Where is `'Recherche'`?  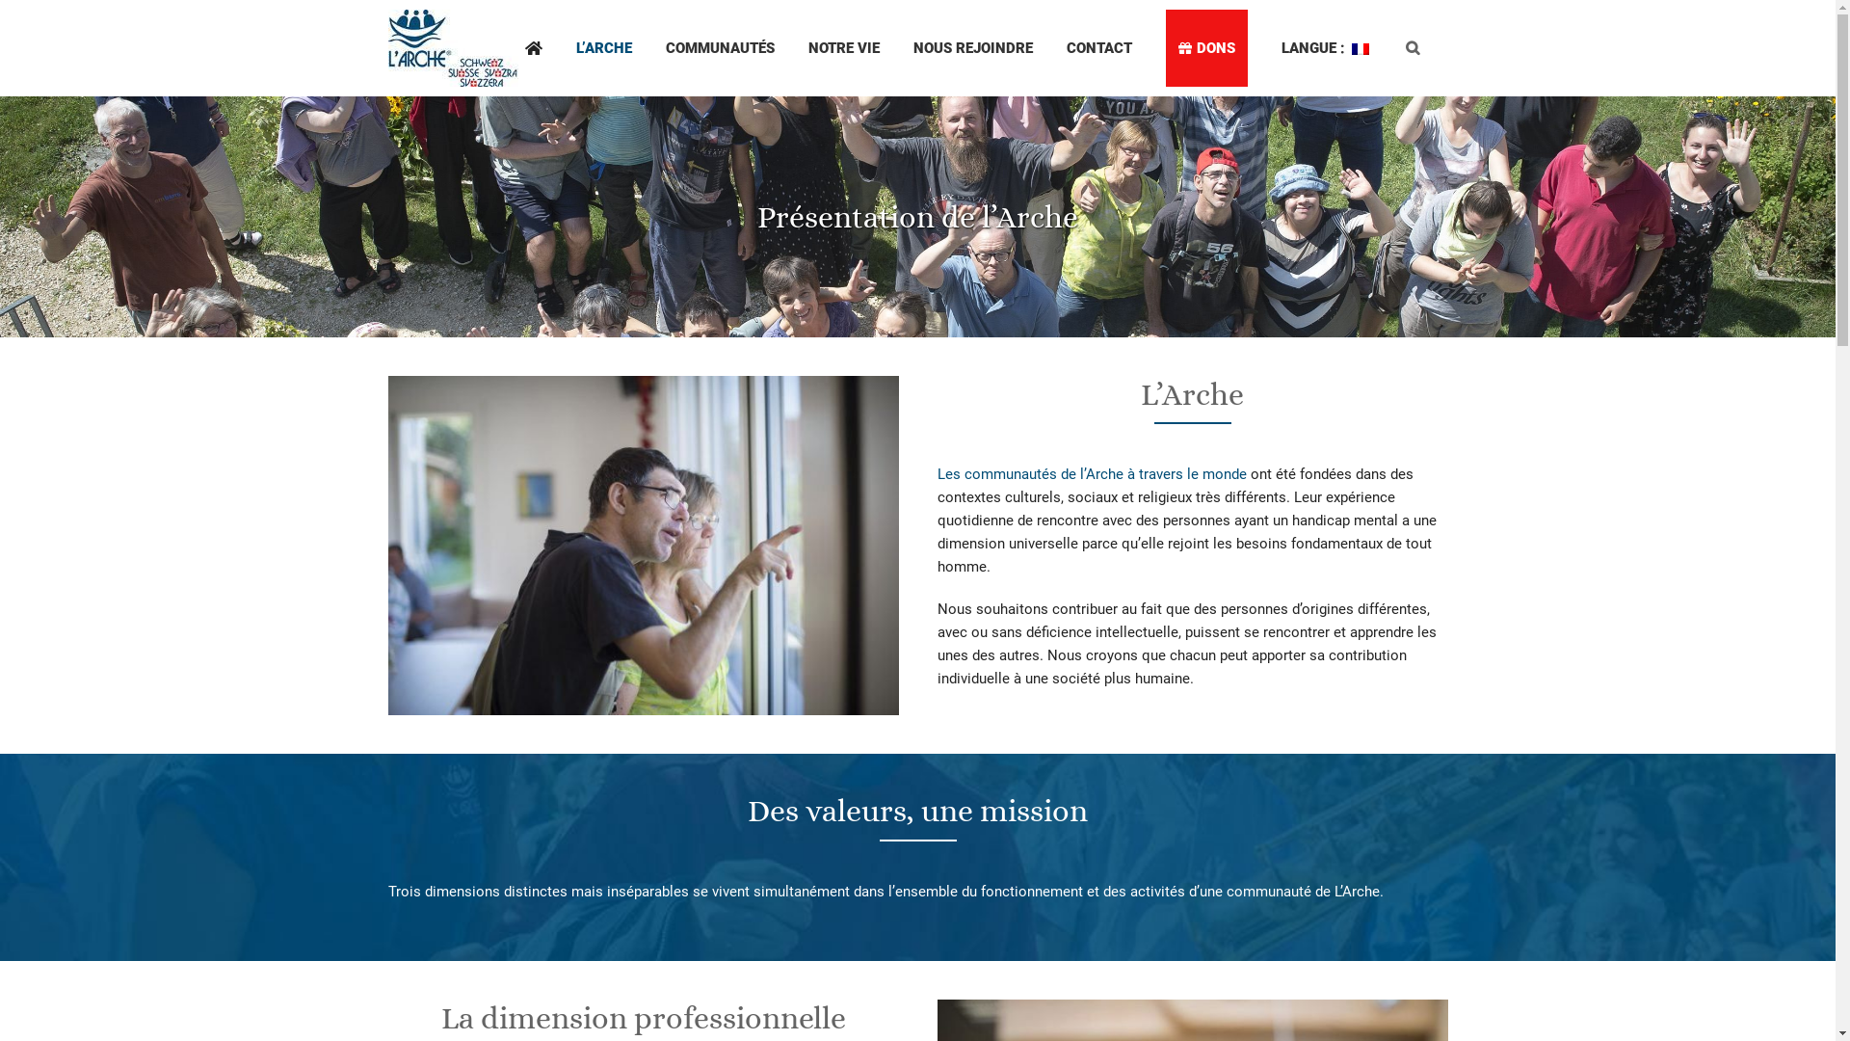
'Recherche' is located at coordinates (1412, 47).